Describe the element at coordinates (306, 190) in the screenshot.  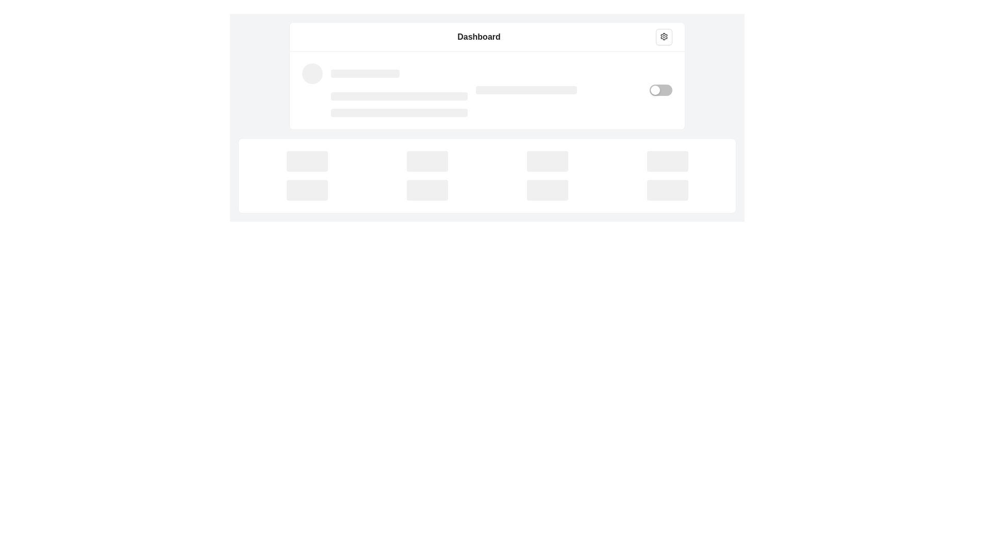
I see `the skeleton-like placeholder component, which is a light gray rectangular shape indicating an inactive or loading state, located in the second row, first column of a grid layout` at that location.